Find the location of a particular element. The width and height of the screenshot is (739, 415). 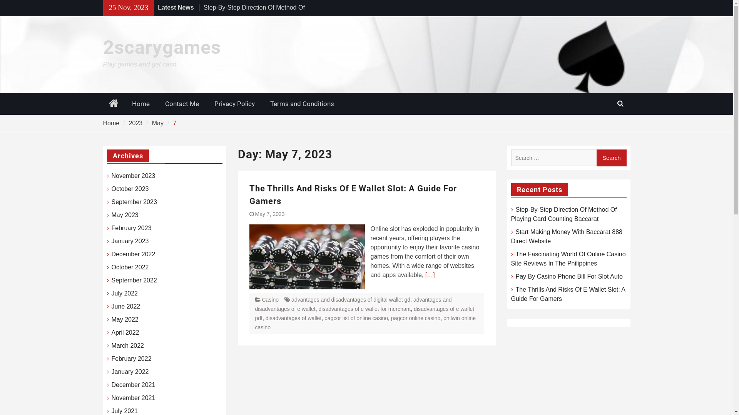

'disadvantages of e wallet pdf' is located at coordinates (364, 314).